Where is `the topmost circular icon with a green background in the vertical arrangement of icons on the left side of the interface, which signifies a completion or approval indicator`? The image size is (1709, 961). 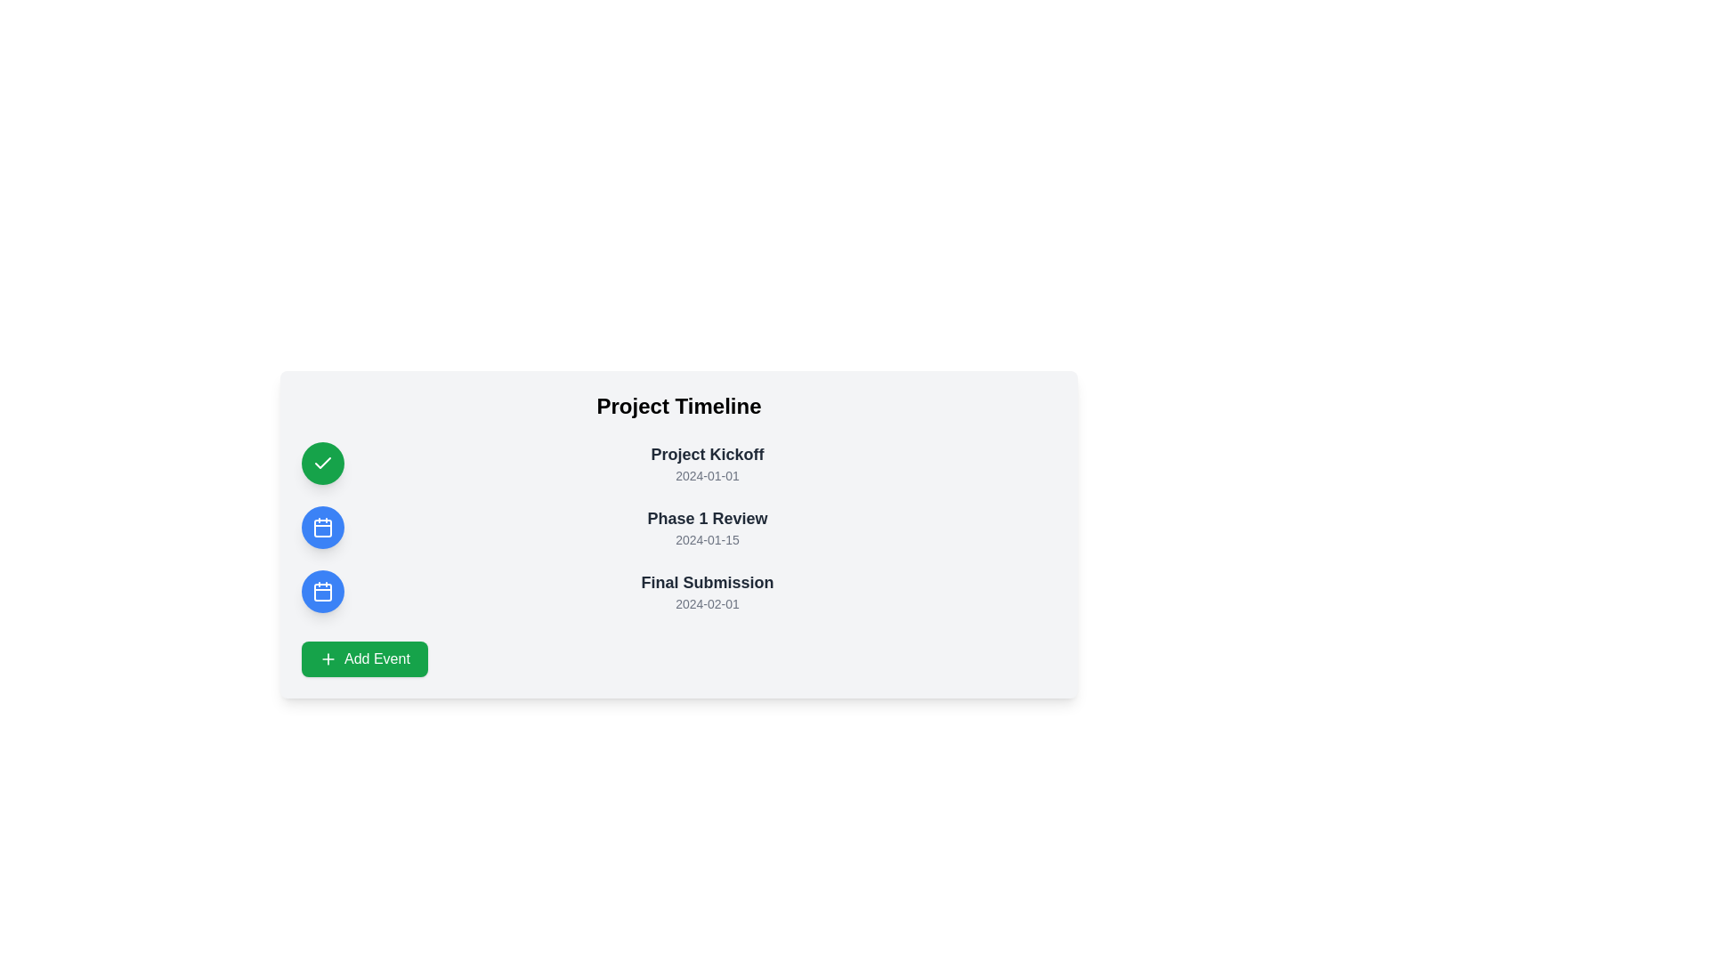
the topmost circular icon with a green background in the vertical arrangement of icons on the left side of the interface, which signifies a completion or approval indicator is located at coordinates (323, 462).